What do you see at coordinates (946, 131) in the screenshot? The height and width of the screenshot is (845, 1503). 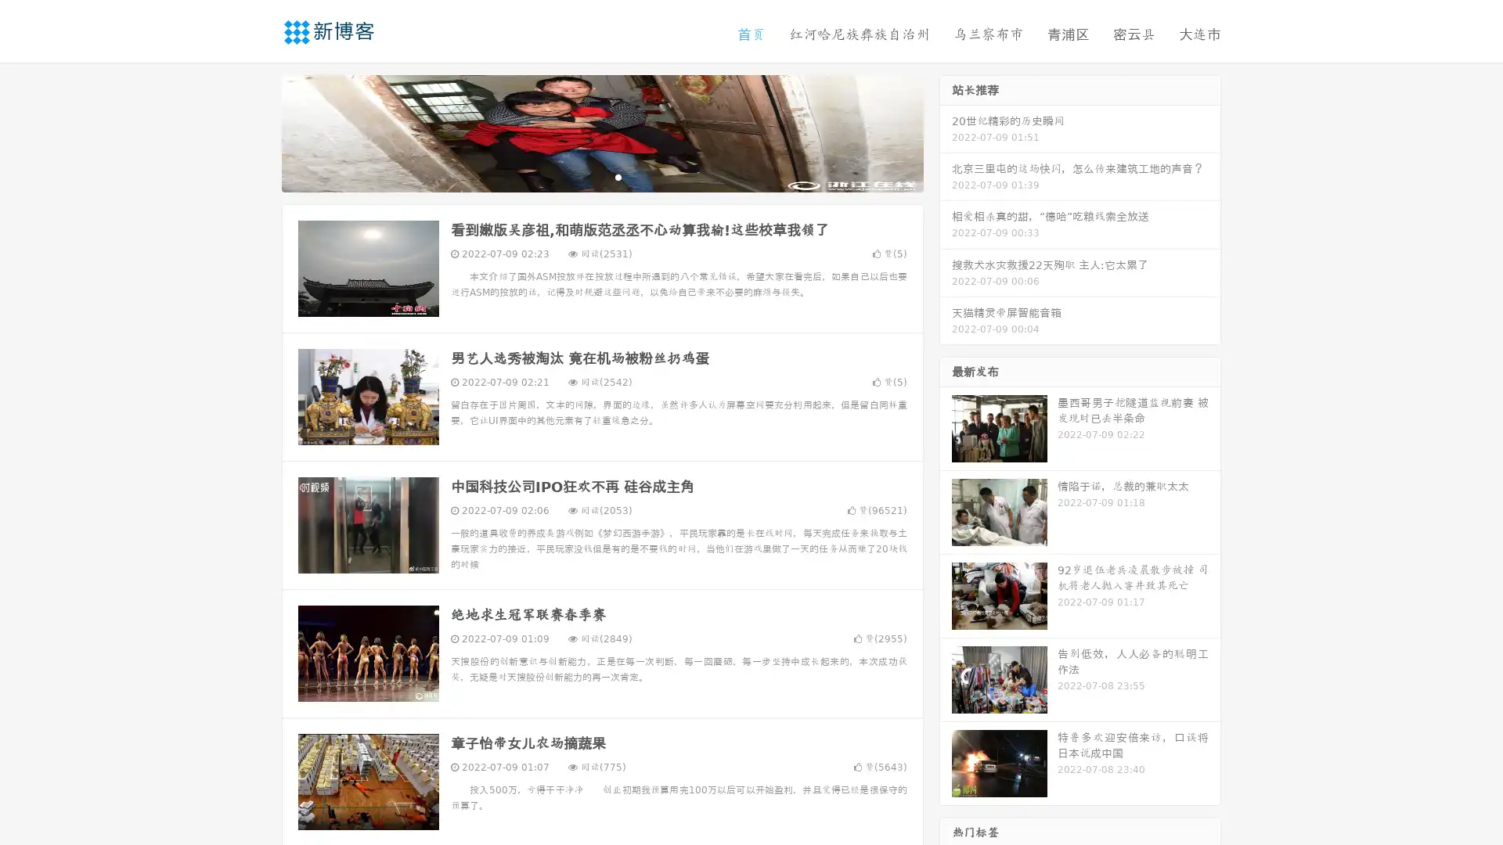 I see `Next slide` at bounding box center [946, 131].